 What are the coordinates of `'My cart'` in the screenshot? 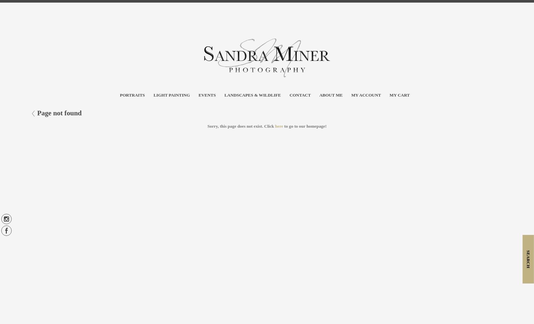 It's located at (399, 95).